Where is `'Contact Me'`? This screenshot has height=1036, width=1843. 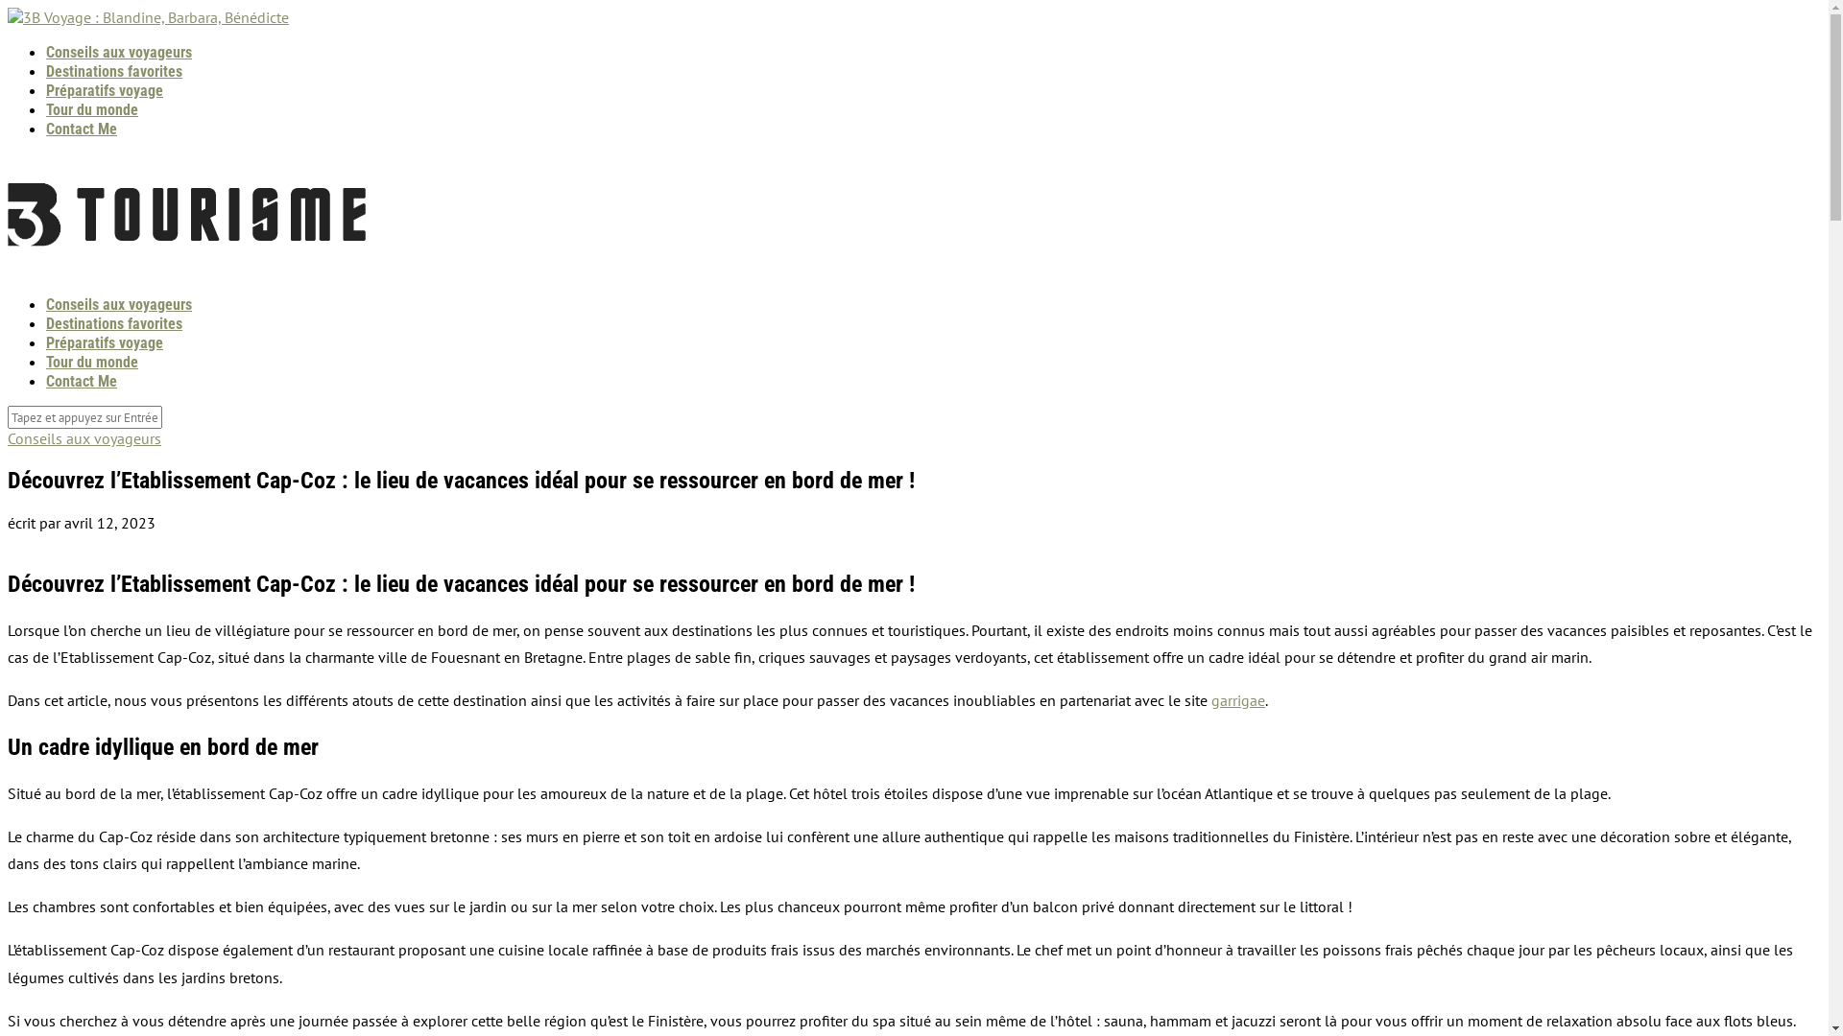
'Contact Me' is located at coordinates (81, 381).